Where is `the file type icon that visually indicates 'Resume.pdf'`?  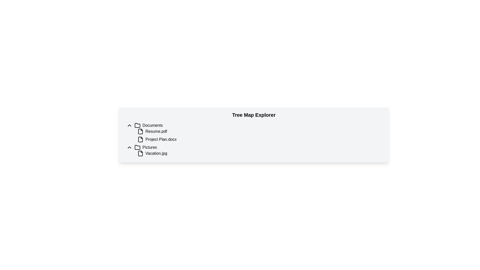
the file type icon that visually indicates 'Resume.pdf' is located at coordinates (140, 131).